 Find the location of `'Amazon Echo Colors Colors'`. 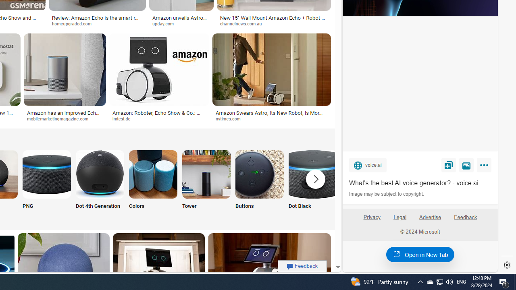

'Amazon Echo Colors Colors' is located at coordinates (153, 184).